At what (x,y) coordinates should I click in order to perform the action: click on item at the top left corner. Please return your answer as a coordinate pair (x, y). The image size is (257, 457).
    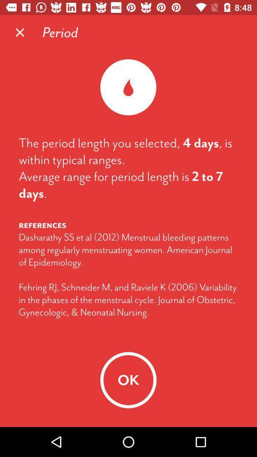
    Looking at the image, I should click on (20, 32).